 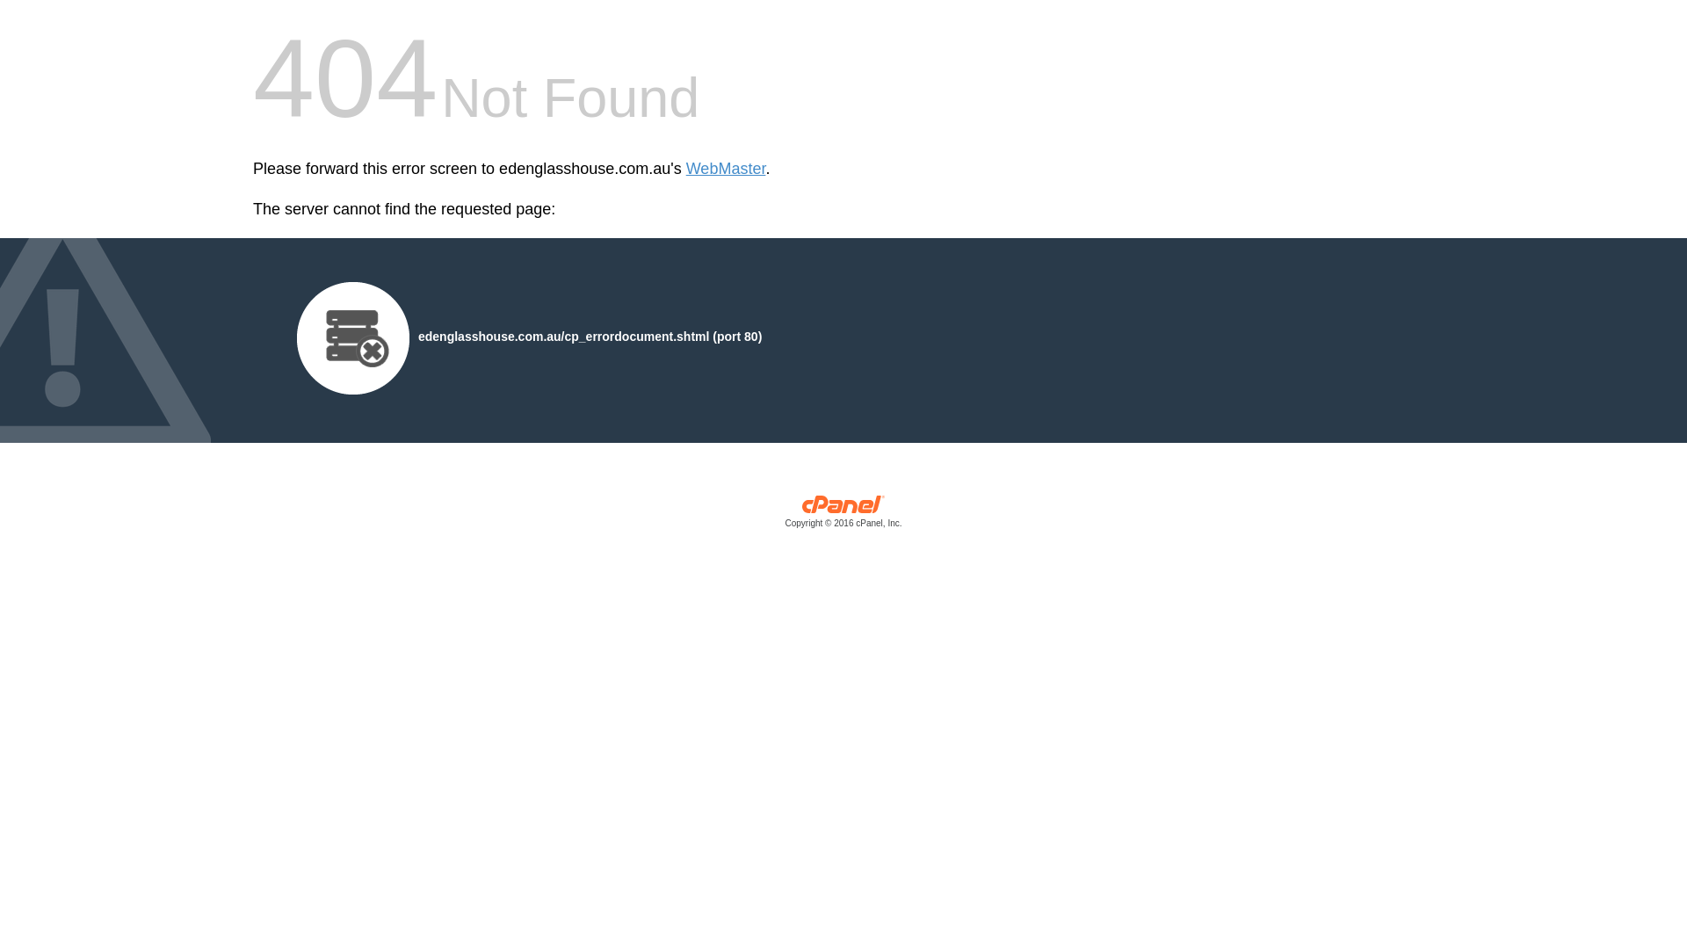 What do you see at coordinates (685, 169) in the screenshot?
I see `'WebMaster'` at bounding box center [685, 169].